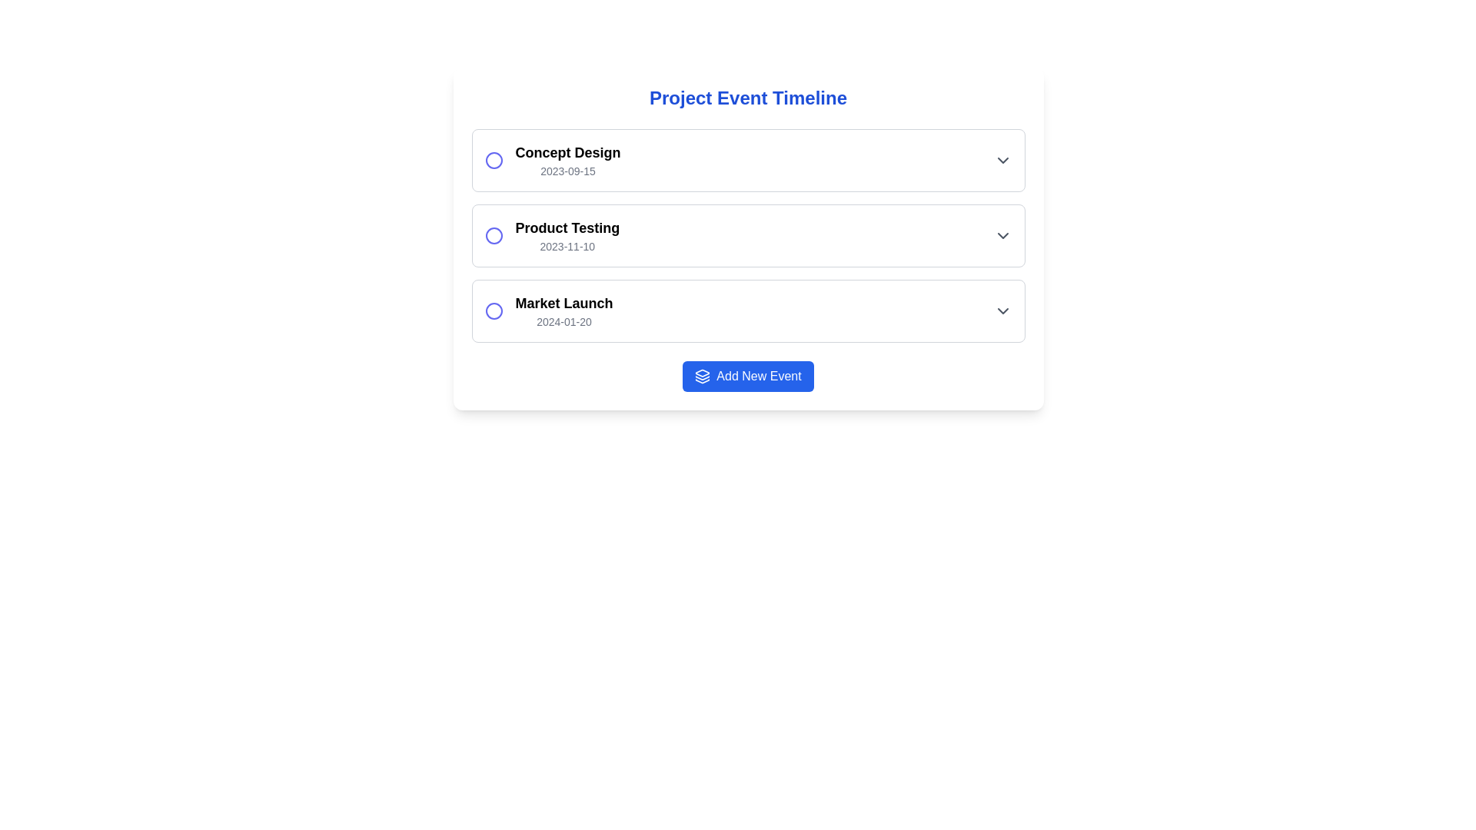  What do you see at coordinates (494, 236) in the screenshot?
I see `the circular radio button with a blue outline located to the left of the 'Product Testing' title` at bounding box center [494, 236].